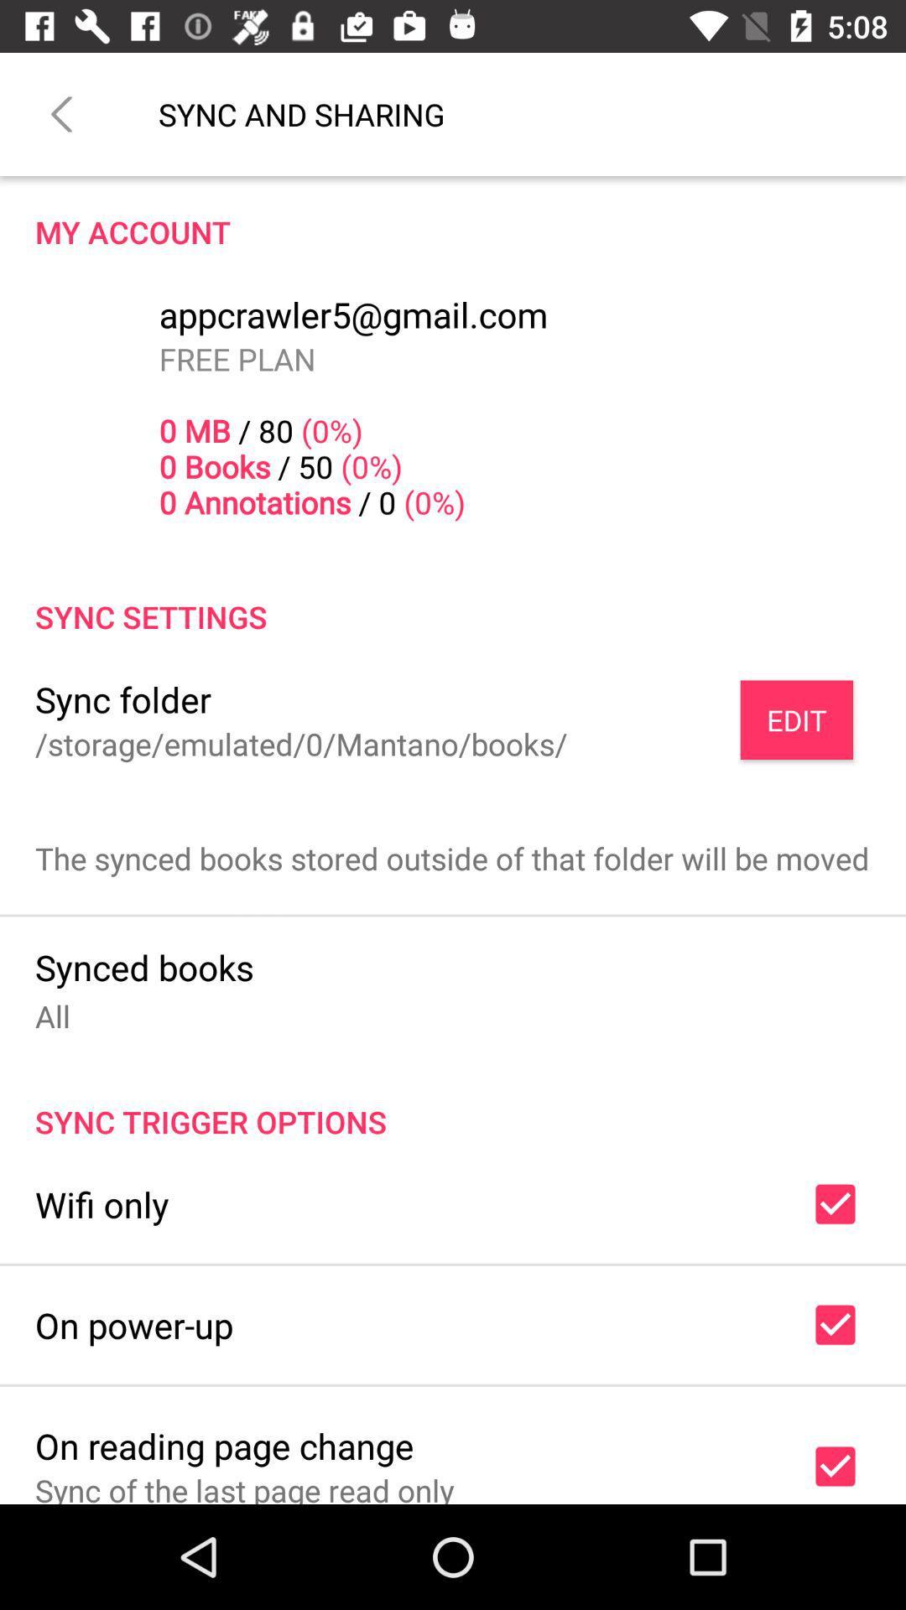 Image resolution: width=906 pixels, height=1610 pixels. I want to click on all icon, so click(51, 1015).